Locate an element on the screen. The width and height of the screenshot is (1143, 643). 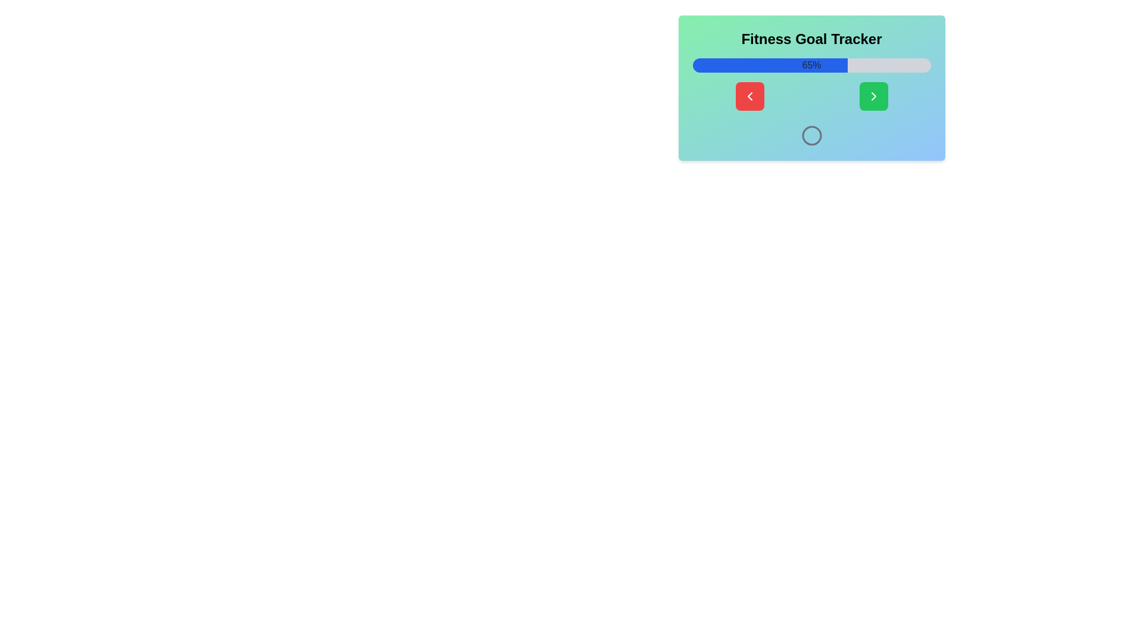
the progress bar that visually represents a 65% completion of a task, located below the title 'Fitness Goal Tracker' is located at coordinates (811, 65).